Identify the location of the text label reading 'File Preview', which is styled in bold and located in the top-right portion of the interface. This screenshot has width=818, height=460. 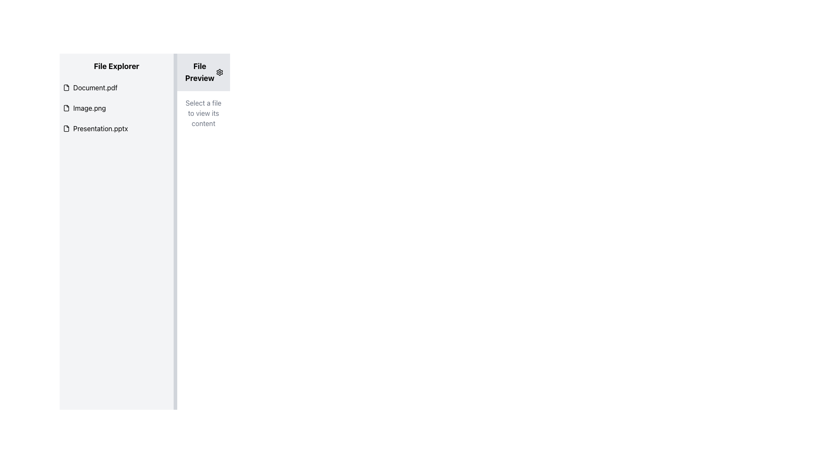
(199, 72).